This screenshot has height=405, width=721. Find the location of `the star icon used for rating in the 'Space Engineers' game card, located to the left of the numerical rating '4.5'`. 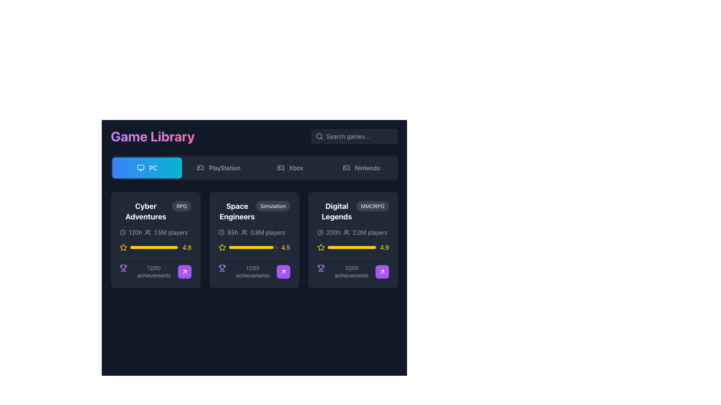

the star icon used for rating in the 'Space Engineers' game card, located to the left of the numerical rating '4.5' is located at coordinates (222, 247).